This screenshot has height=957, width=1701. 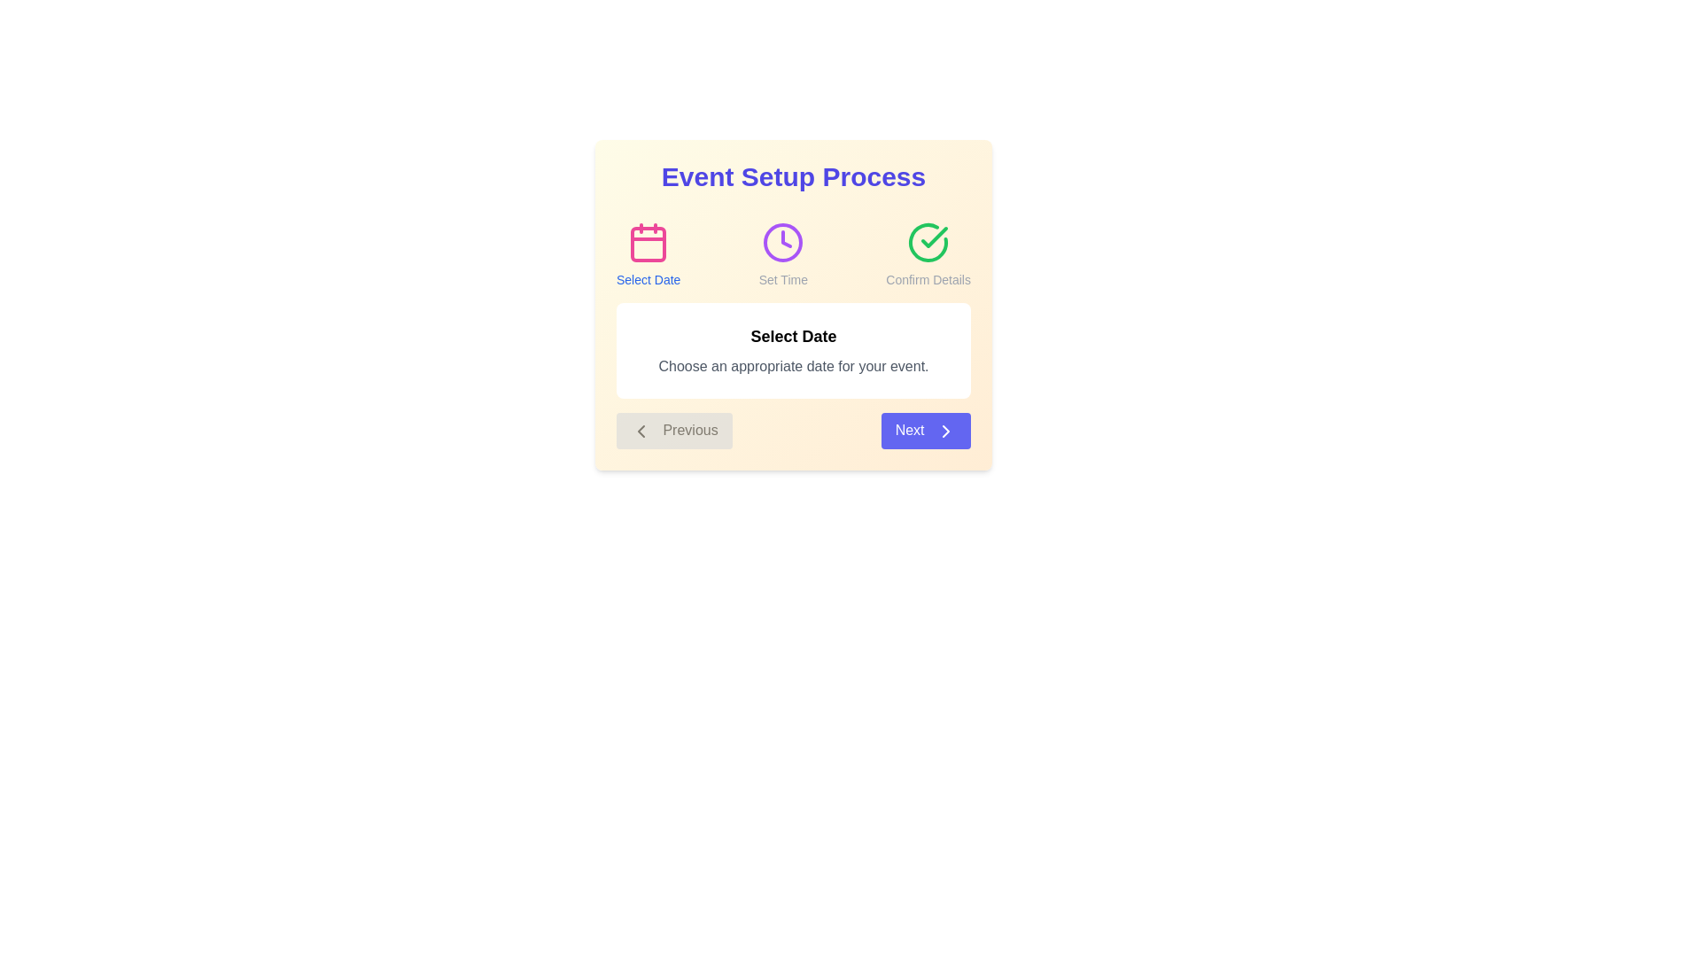 I want to click on the 'Previous' button to navigate to the previous step, so click(x=673, y=431).